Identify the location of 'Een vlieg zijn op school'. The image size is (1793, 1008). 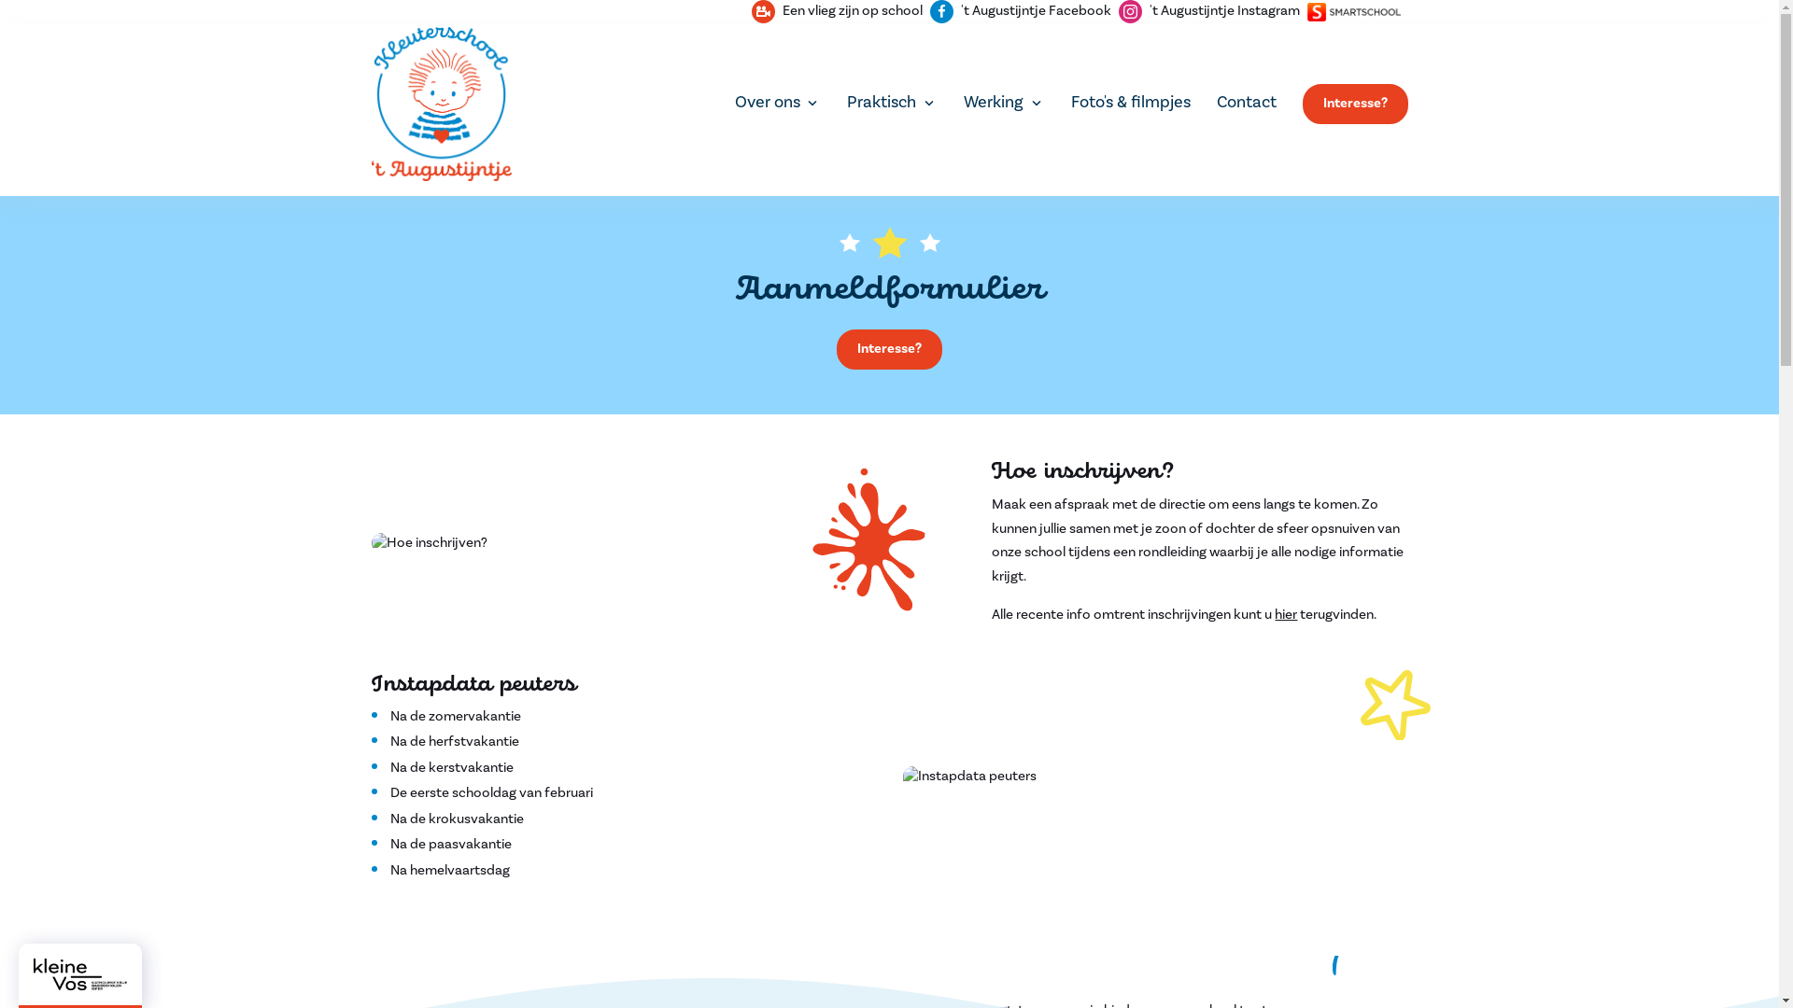
(836, 11).